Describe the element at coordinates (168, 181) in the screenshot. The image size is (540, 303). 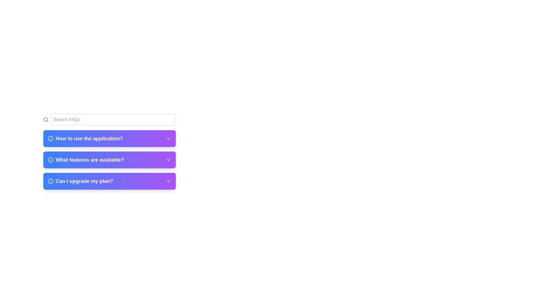
I see `the downward-pointing chevron icon located on the far-right side of the 'Can I upgrade my plan?' button for visual feedback` at that location.